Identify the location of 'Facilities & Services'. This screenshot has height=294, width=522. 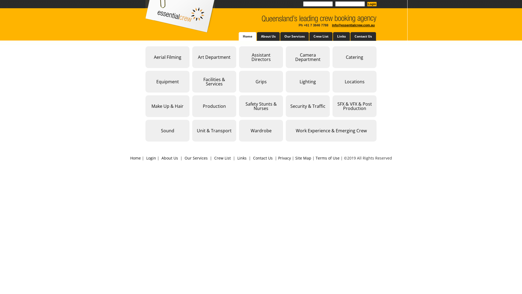
(192, 82).